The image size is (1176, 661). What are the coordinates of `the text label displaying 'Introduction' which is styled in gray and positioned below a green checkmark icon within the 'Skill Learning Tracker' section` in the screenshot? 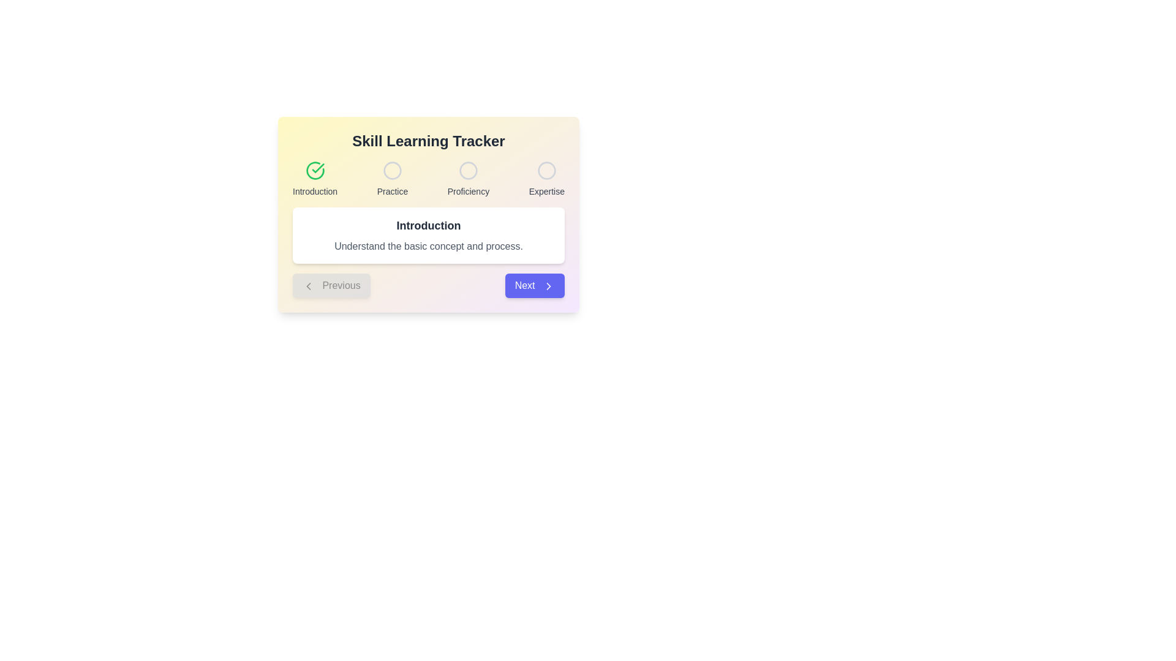 It's located at (315, 191).